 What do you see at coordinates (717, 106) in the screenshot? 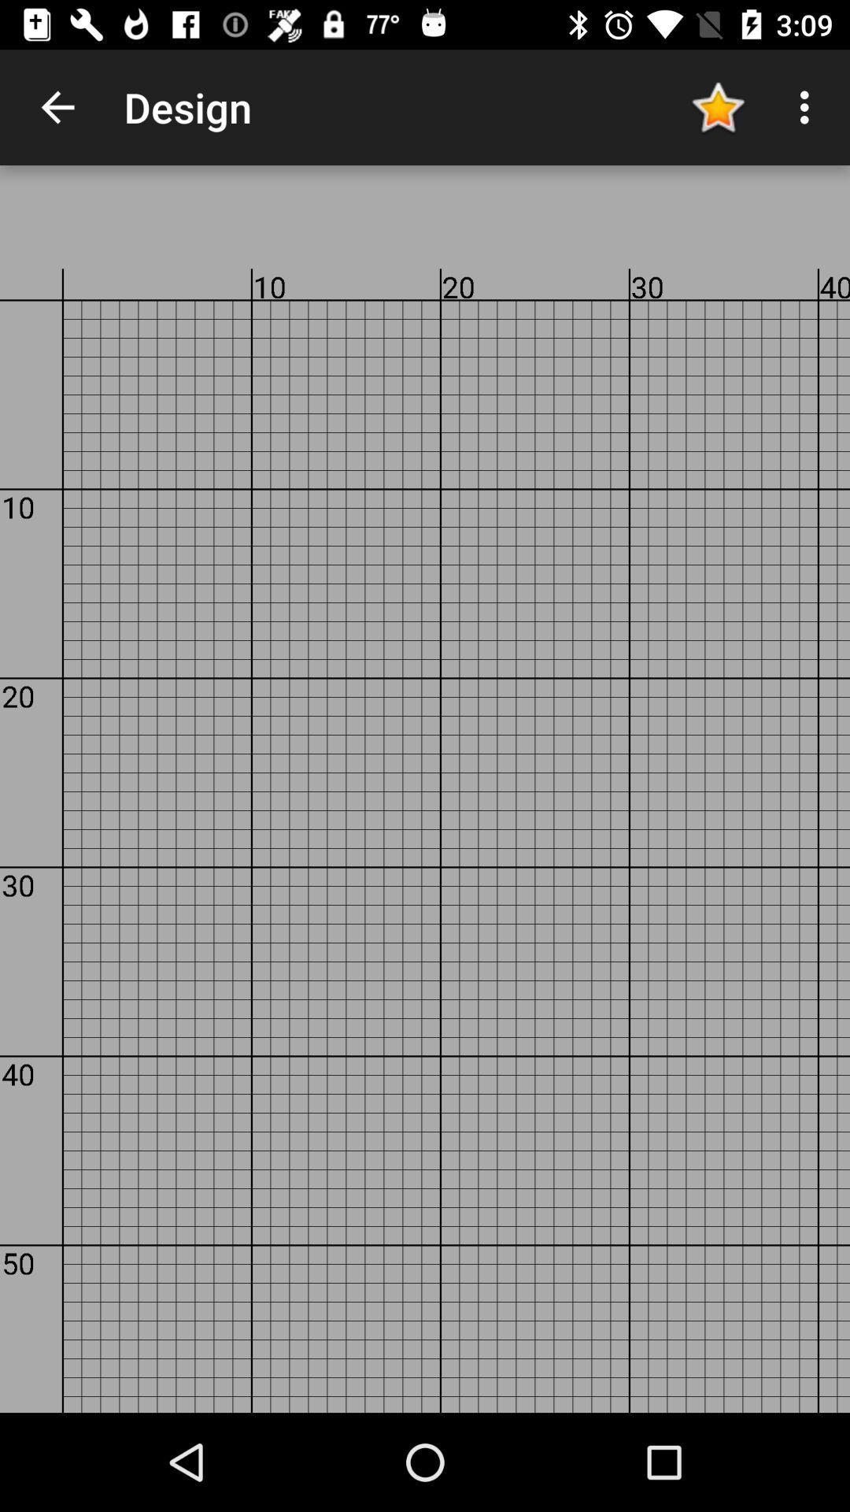
I see `app to the right of the design` at bounding box center [717, 106].